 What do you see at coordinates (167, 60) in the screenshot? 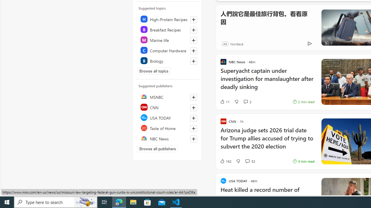
I see `'Class: highlight'` at bounding box center [167, 60].